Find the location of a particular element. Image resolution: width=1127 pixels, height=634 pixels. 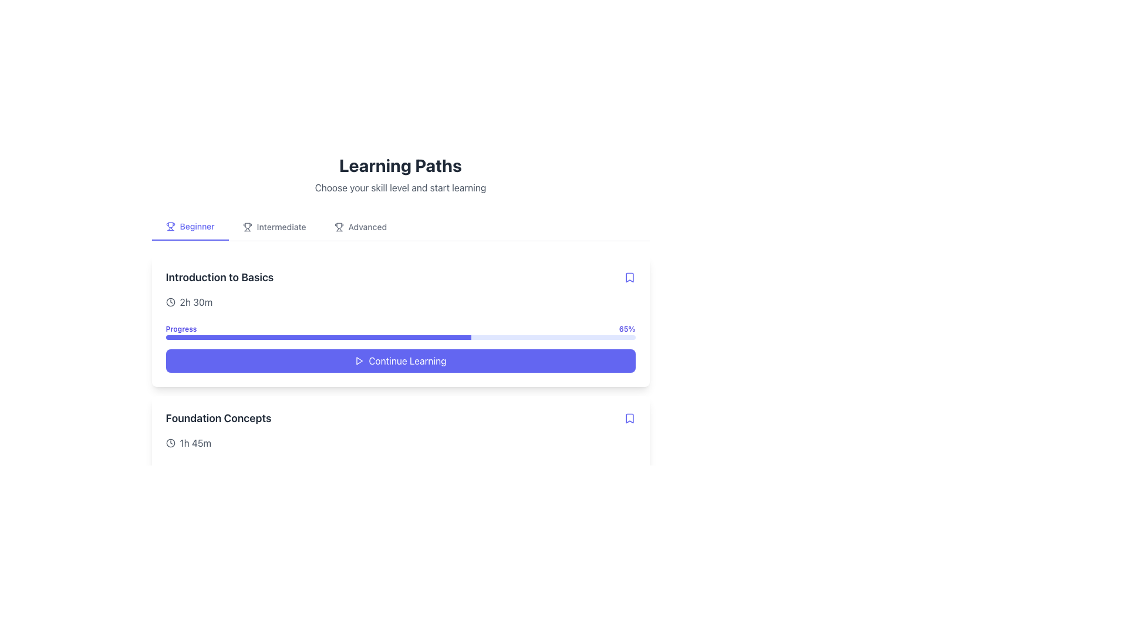

the 'Continue Learning' button with a vibrant indigo background and white text is located at coordinates (400, 360).